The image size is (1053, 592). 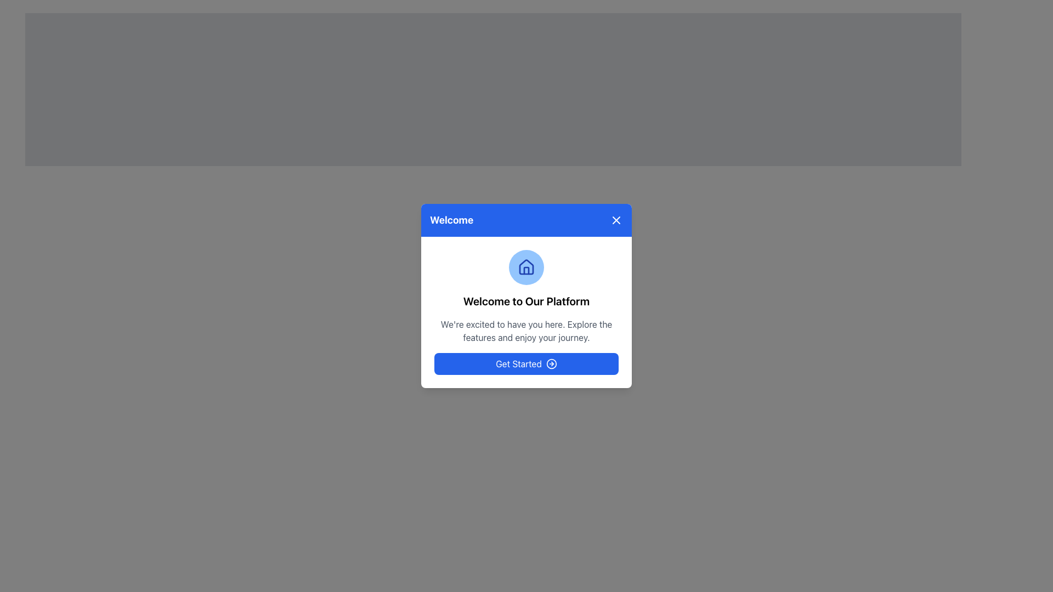 I want to click on the bold text label displaying 'Welcome' in the blue banner header located at the top left of the popup dialog, so click(x=451, y=220).